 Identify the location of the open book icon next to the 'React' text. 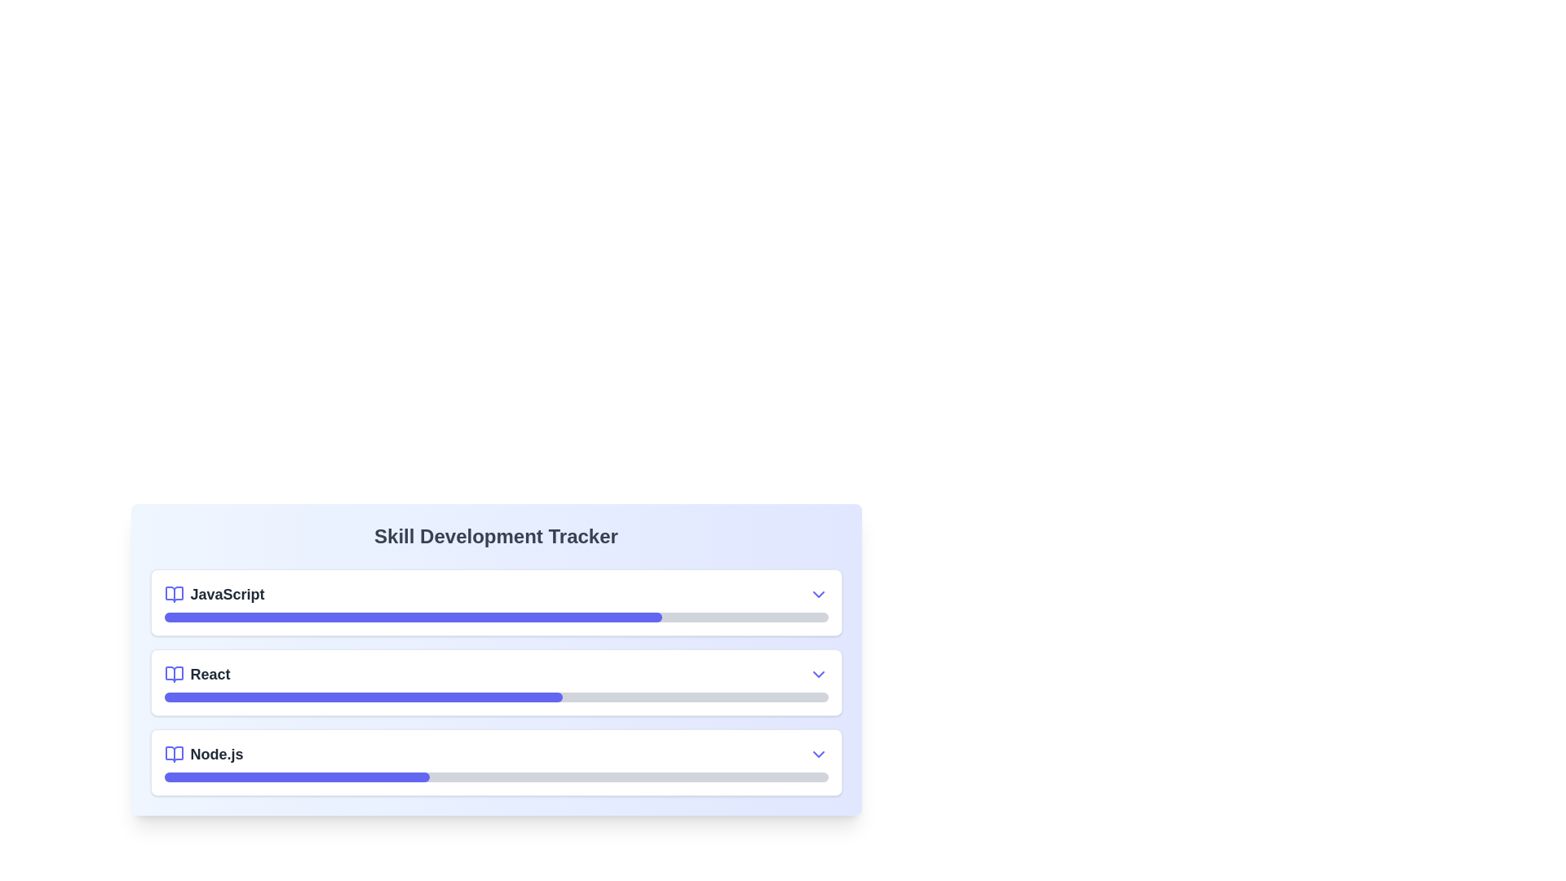
(197, 674).